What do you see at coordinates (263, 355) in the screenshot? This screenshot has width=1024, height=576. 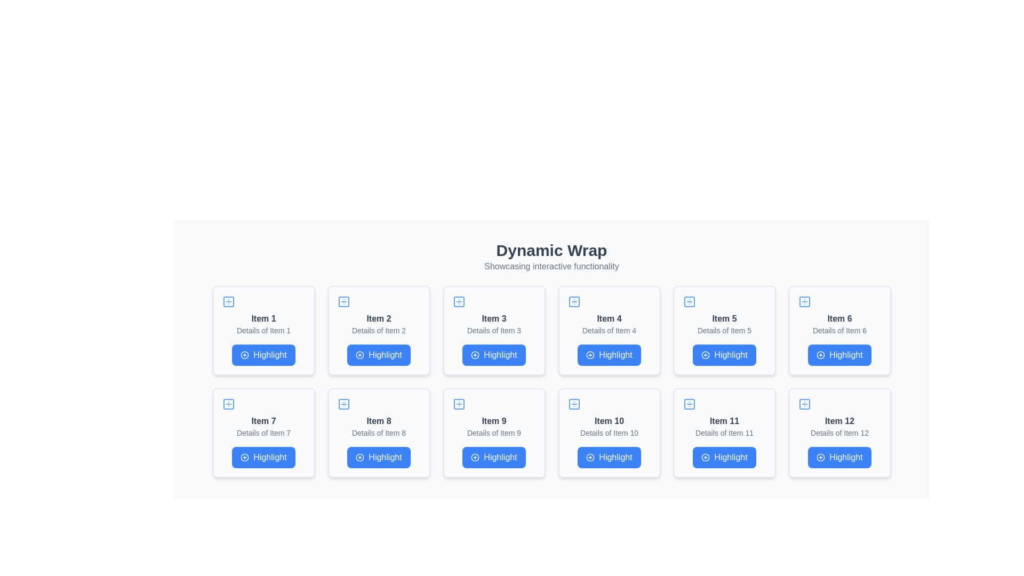 I see `the blue button labeled 'Highlight' with a white plus icon` at bounding box center [263, 355].